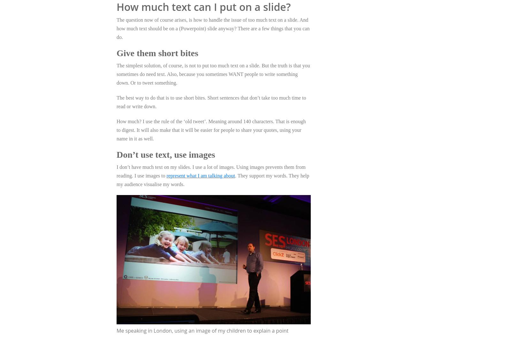 Image resolution: width=511 pixels, height=339 pixels. I want to click on '. They support my words. They help my audience visualise my words.', so click(213, 179).